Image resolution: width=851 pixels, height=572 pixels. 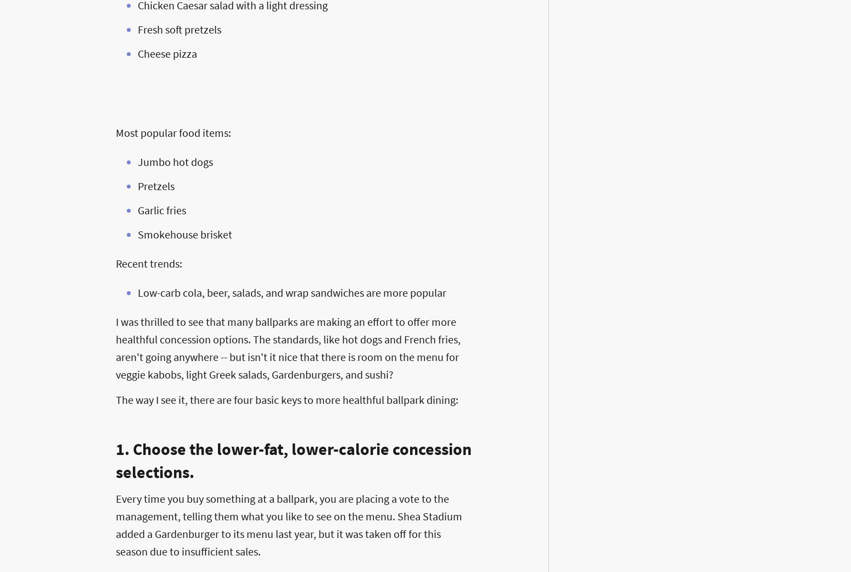 I want to click on 'Smokehouse brisket', so click(x=184, y=234).